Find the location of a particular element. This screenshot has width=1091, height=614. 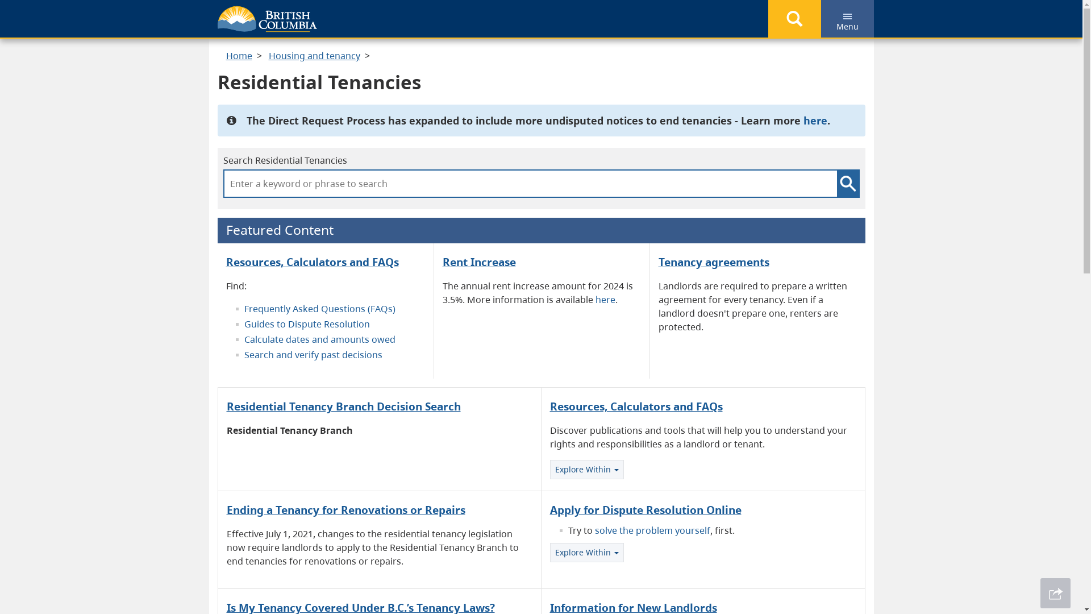

'here' is located at coordinates (815, 121).